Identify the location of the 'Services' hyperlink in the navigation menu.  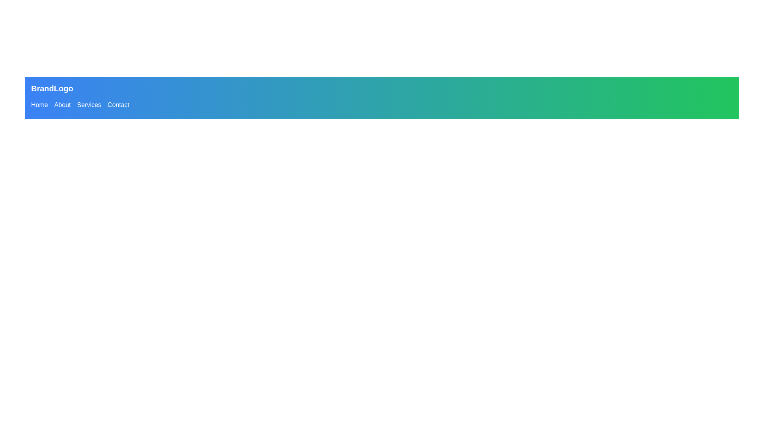
(89, 104).